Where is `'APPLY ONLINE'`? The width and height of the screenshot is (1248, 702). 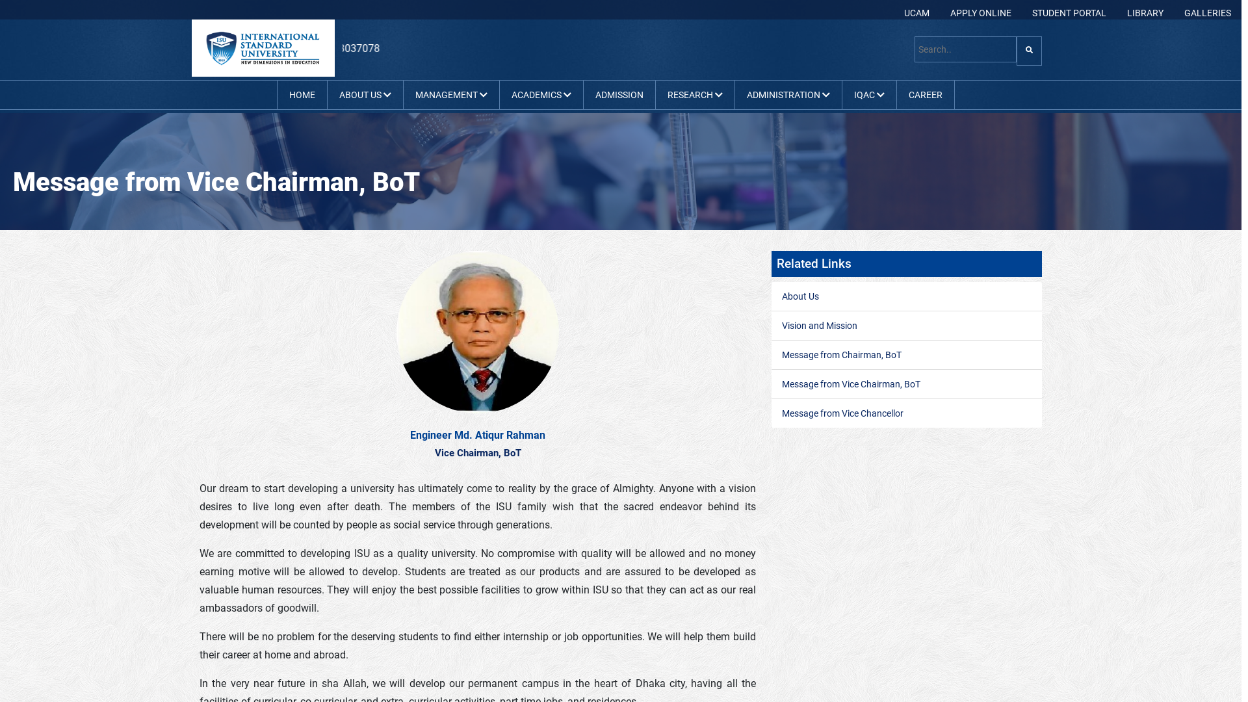
'APPLY ONLINE' is located at coordinates (980, 12).